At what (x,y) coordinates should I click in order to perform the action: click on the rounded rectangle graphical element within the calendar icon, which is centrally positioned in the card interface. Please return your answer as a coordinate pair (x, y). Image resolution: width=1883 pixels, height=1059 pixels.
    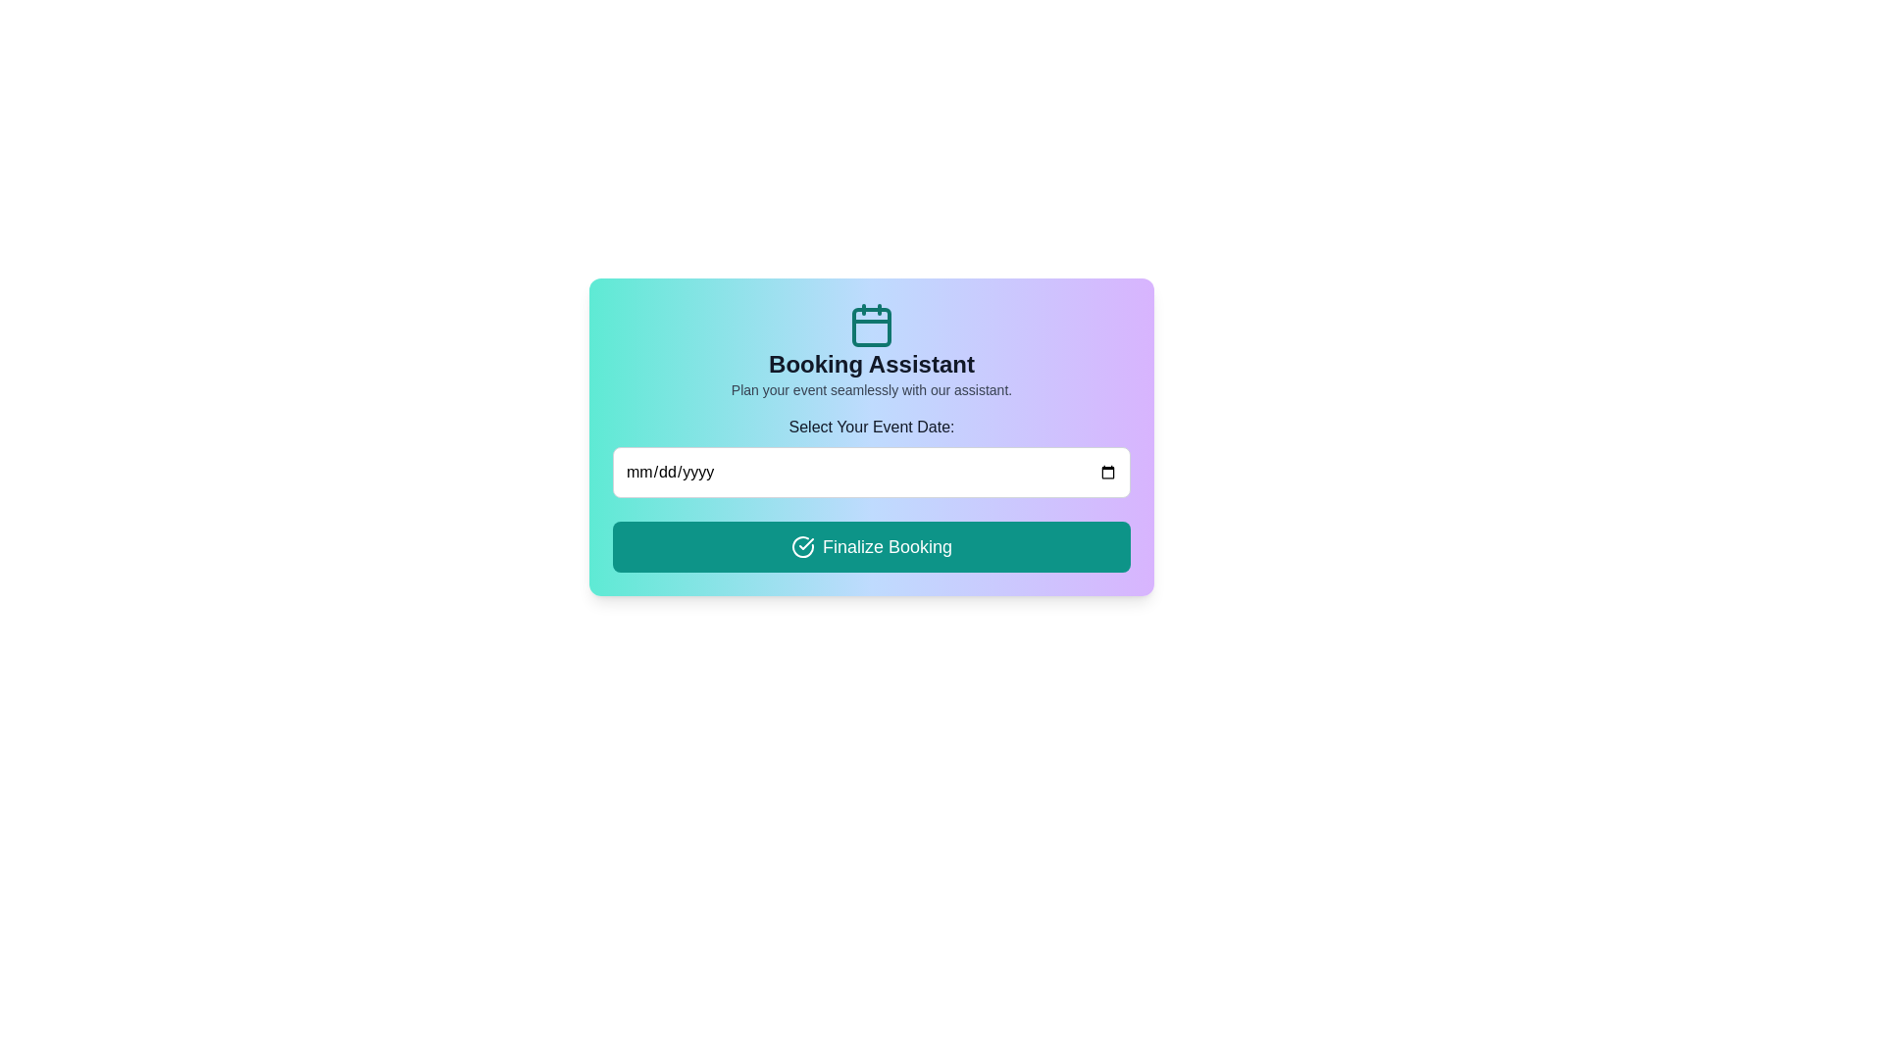
    Looking at the image, I should click on (870, 327).